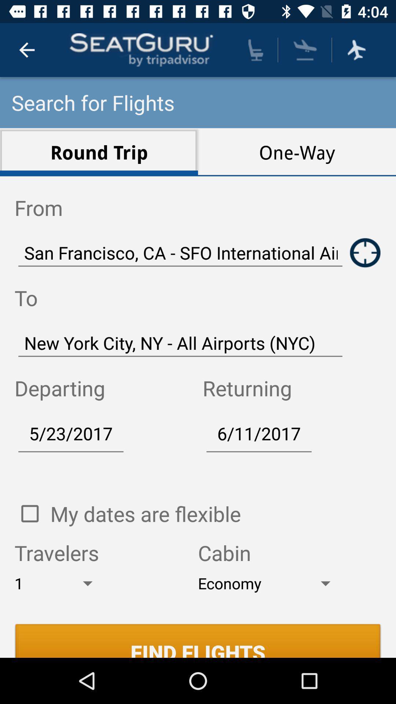  Describe the element at coordinates (305, 49) in the screenshot. I see `the icon above one-way` at that location.